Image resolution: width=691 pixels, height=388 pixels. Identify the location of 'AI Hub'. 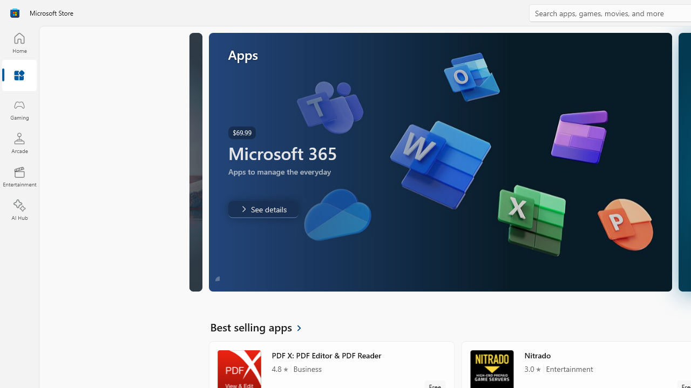
(19, 210).